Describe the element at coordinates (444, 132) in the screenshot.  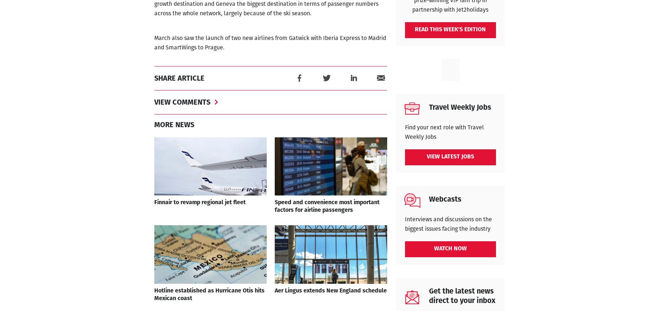
I see `'Find your next role with Travel Weekly Jobs'` at that location.